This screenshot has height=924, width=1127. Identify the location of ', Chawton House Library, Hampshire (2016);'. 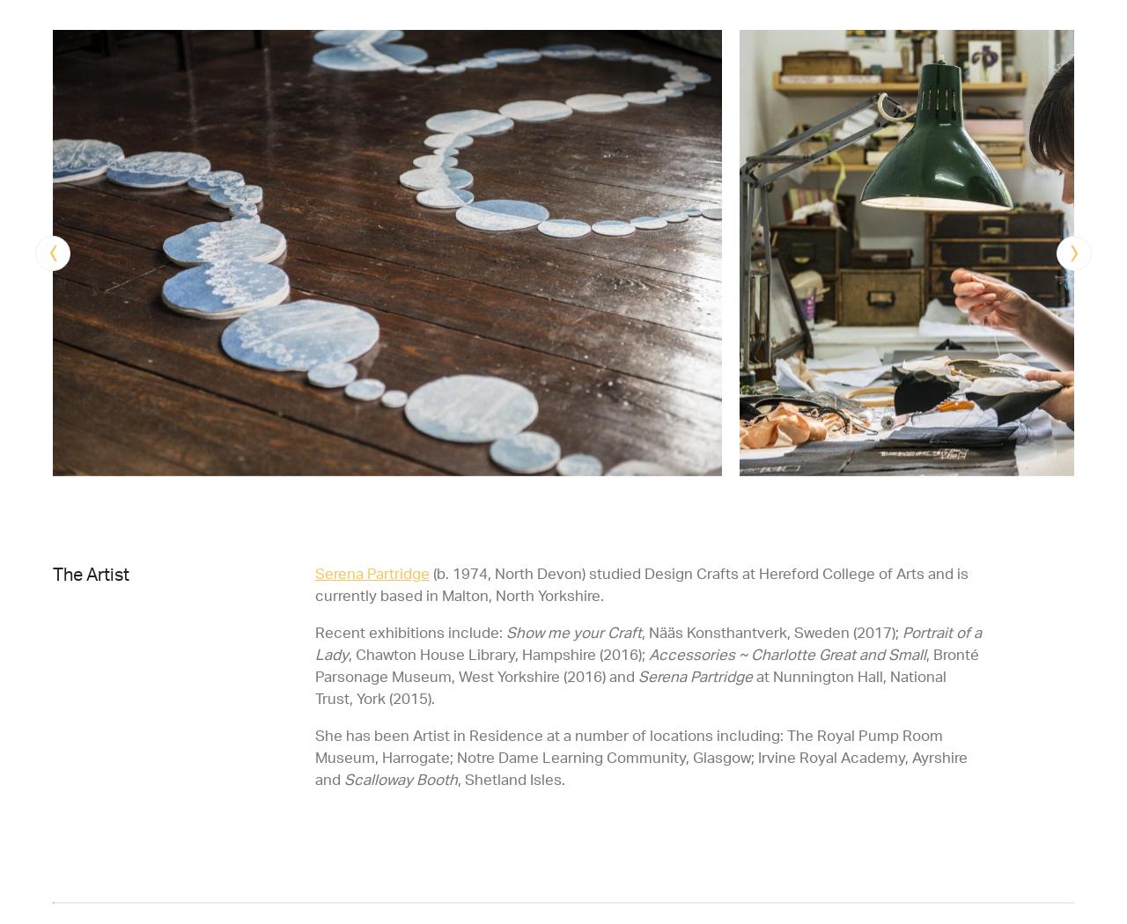
(497, 652).